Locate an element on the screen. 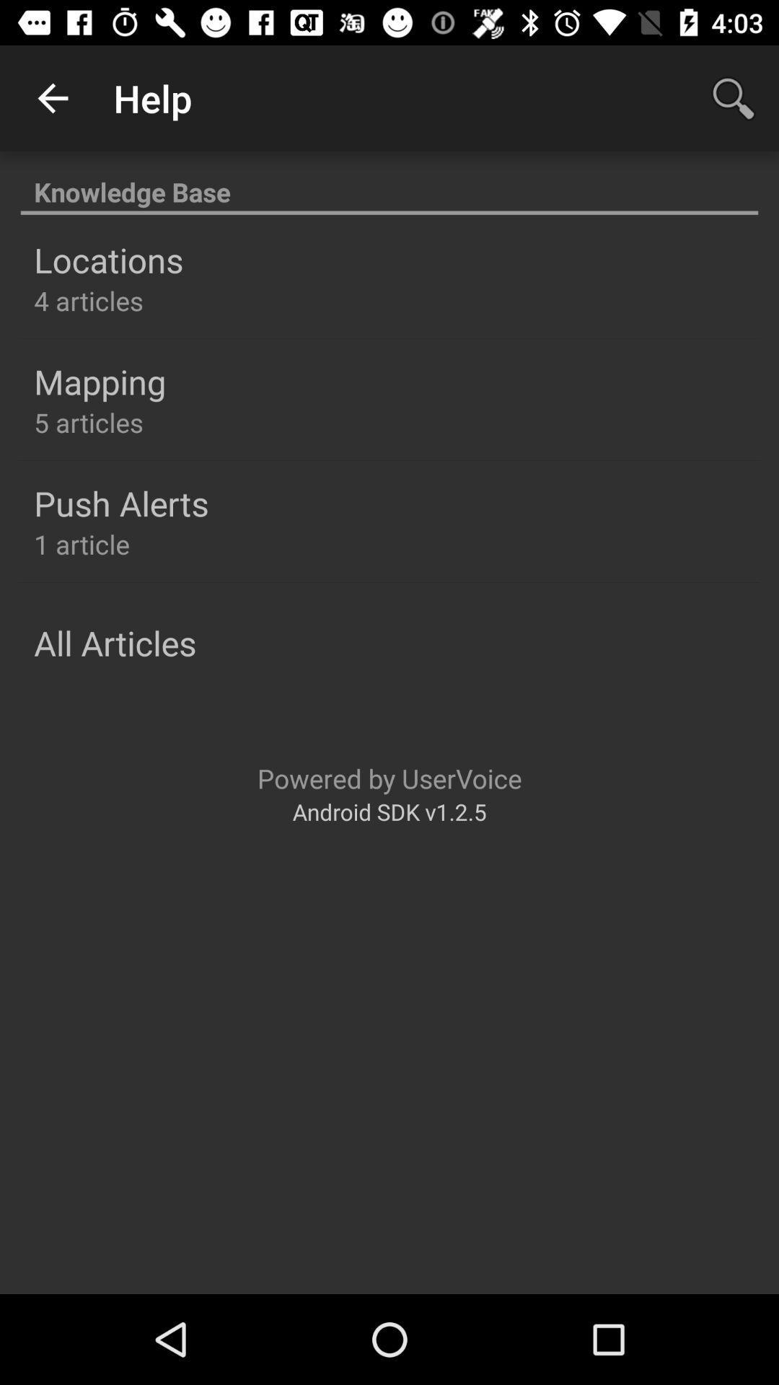 This screenshot has width=779, height=1385. the icon above the 1 article item is located at coordinates (120, 503).